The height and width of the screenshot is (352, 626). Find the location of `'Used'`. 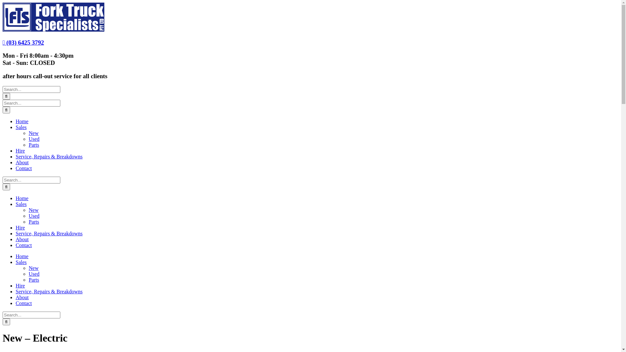

'Used' is located at coordinates (34, 139).